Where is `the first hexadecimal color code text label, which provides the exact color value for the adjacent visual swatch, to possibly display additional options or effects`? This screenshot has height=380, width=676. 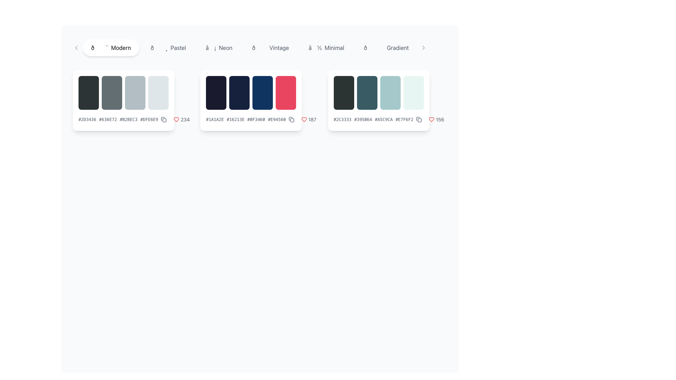
the first hexadecimal color code text label, which provides the exact color value for the adjacent visual swatch, to possibly display additional options or effects is located at coordinates (214, 119).